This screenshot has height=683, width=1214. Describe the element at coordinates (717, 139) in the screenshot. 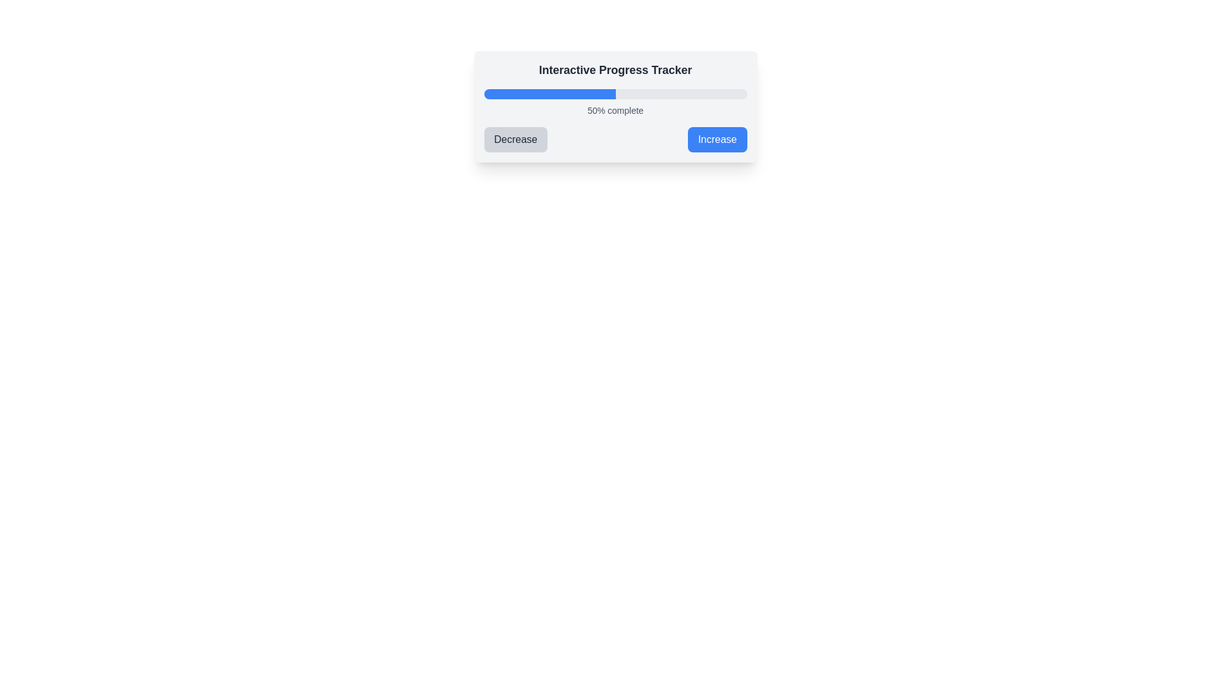

I see `the 'Increase' button, which is a blue button with white text and rounded corners located to the right of the 'Decrease' button` at that location.